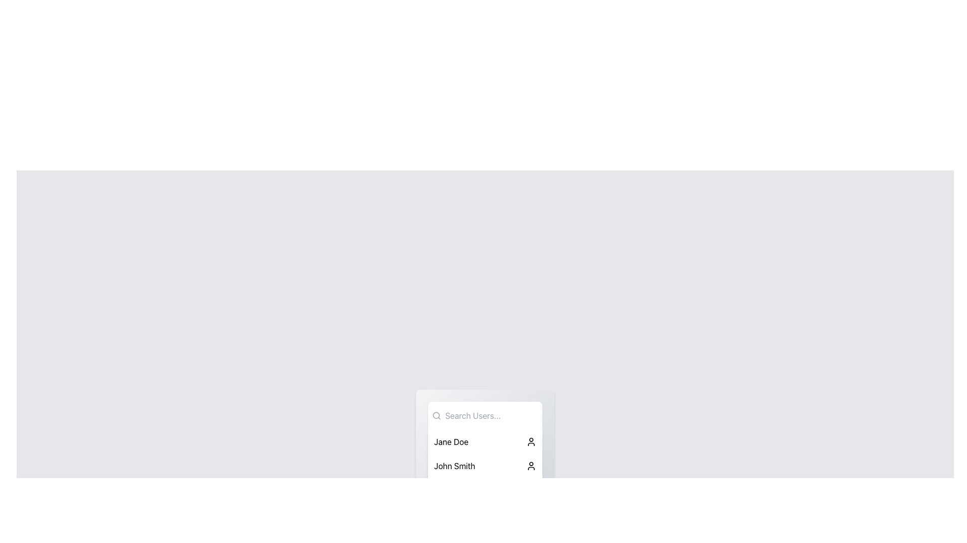  Describe the element at coordinates (436, 415) in the screenshot. I see `the decorative circle within the SVG of the search icon, located at the top-left corner of the 'Search Users' input box` at that location.